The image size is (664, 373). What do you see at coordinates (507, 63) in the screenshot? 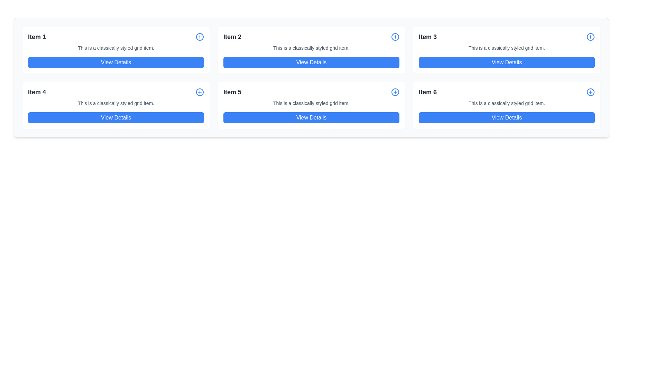
I see `the 'View Details' button, which is a rectangular button with a blue background and white text, located beneath the description of 'Item 3'` at bounding box center [507, 63].